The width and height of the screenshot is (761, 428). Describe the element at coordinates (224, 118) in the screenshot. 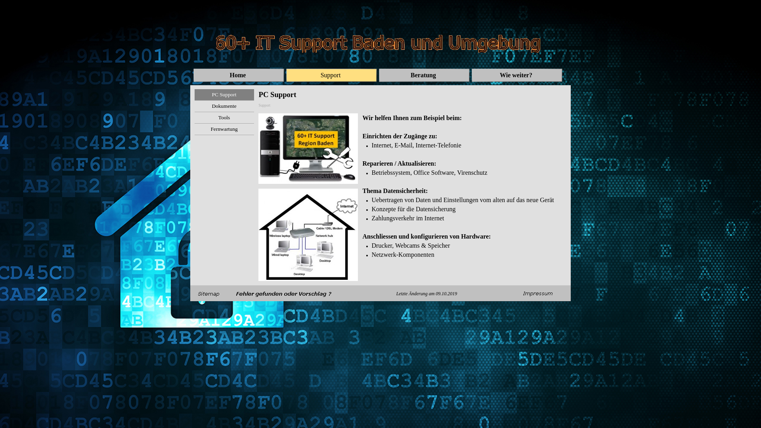

I see `'Tools'` at that location.